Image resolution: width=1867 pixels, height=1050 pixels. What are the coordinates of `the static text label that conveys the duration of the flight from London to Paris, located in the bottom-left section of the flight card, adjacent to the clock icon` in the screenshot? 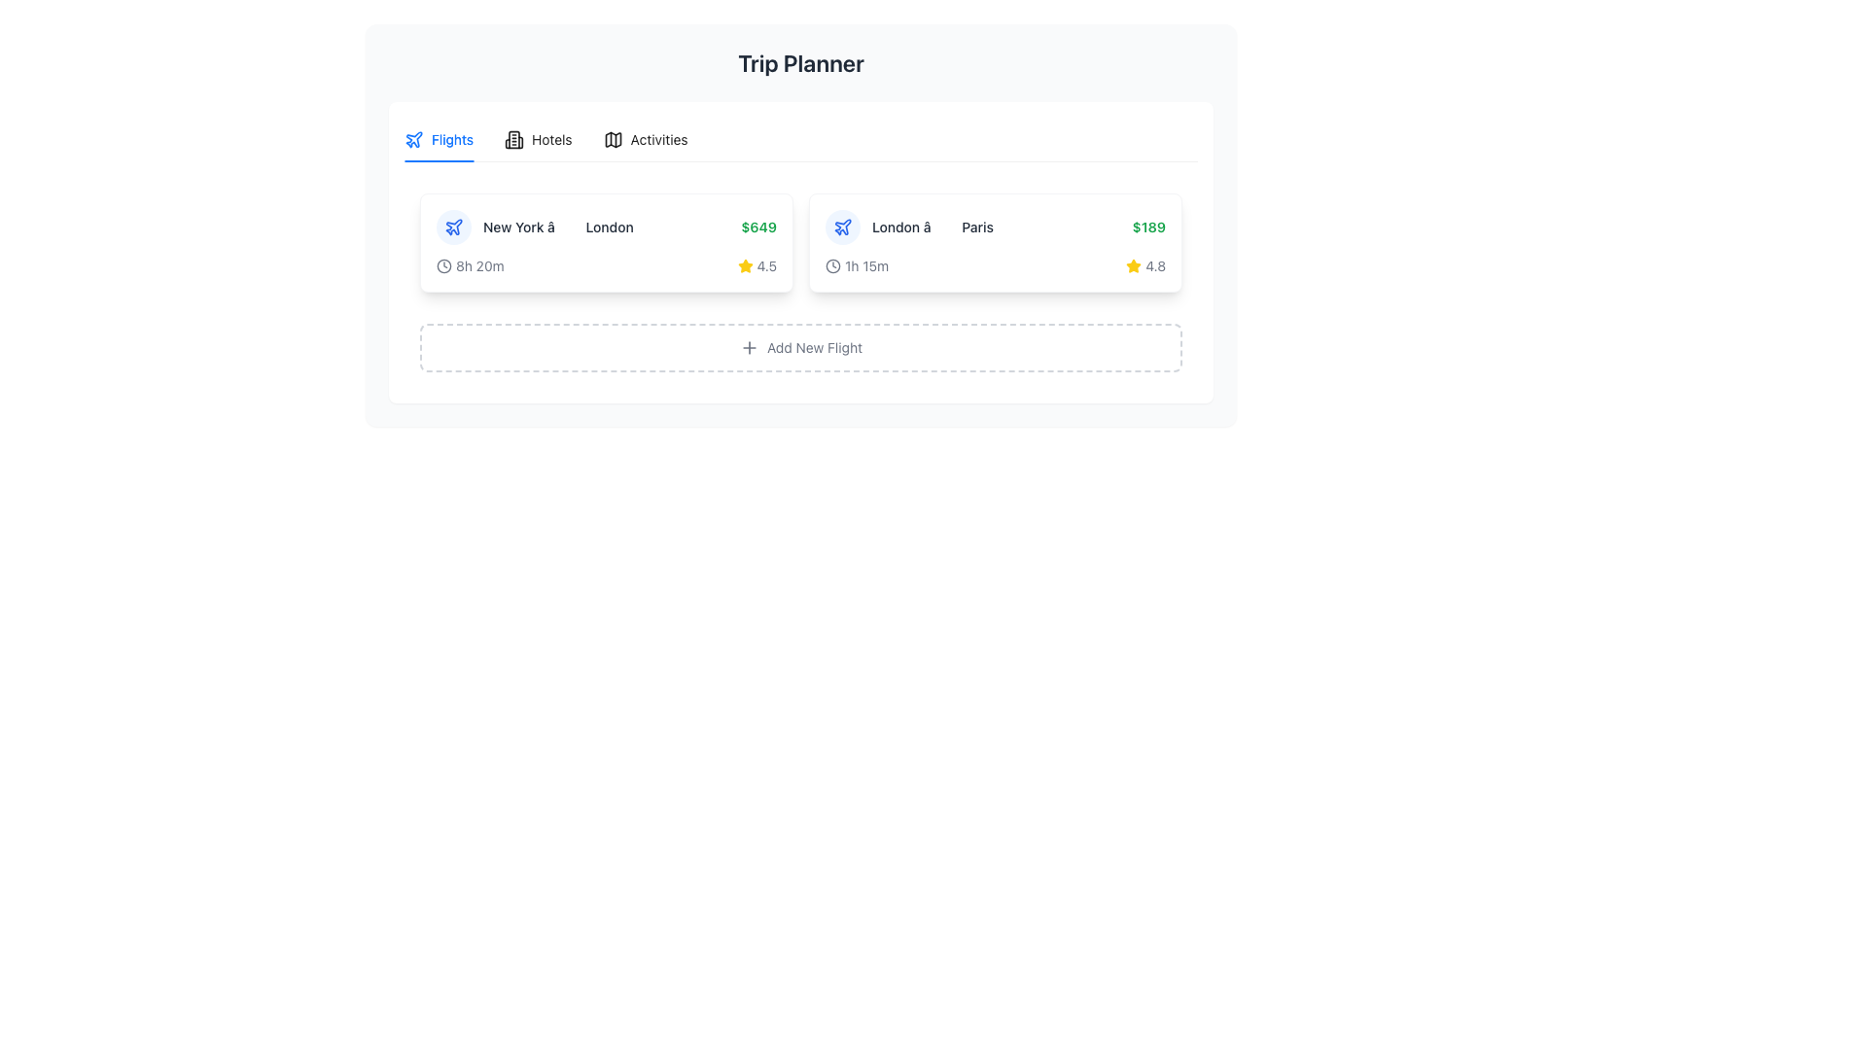 It's located at (865, 265).